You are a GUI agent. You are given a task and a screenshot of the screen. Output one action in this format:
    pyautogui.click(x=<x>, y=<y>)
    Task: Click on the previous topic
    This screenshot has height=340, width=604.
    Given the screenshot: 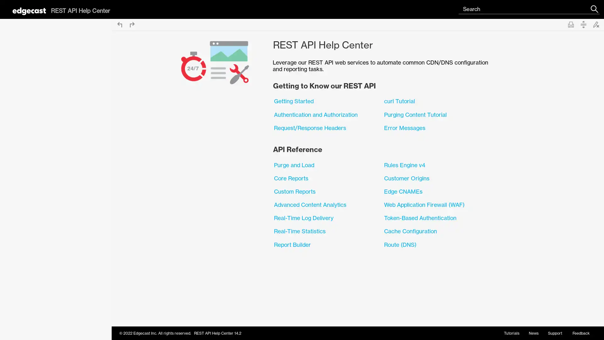 What is the action you would take?
    pyautogui.click(x=119, y=24)
    